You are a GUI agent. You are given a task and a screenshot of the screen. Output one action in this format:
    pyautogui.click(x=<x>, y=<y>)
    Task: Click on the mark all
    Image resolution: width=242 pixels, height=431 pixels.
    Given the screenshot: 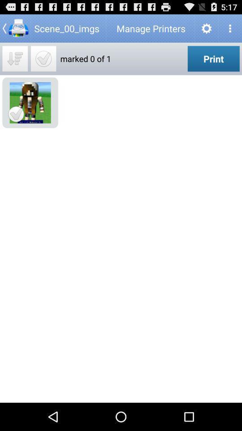 What is the action you would take?
    pyautogui.click(x=43, y=58)
    